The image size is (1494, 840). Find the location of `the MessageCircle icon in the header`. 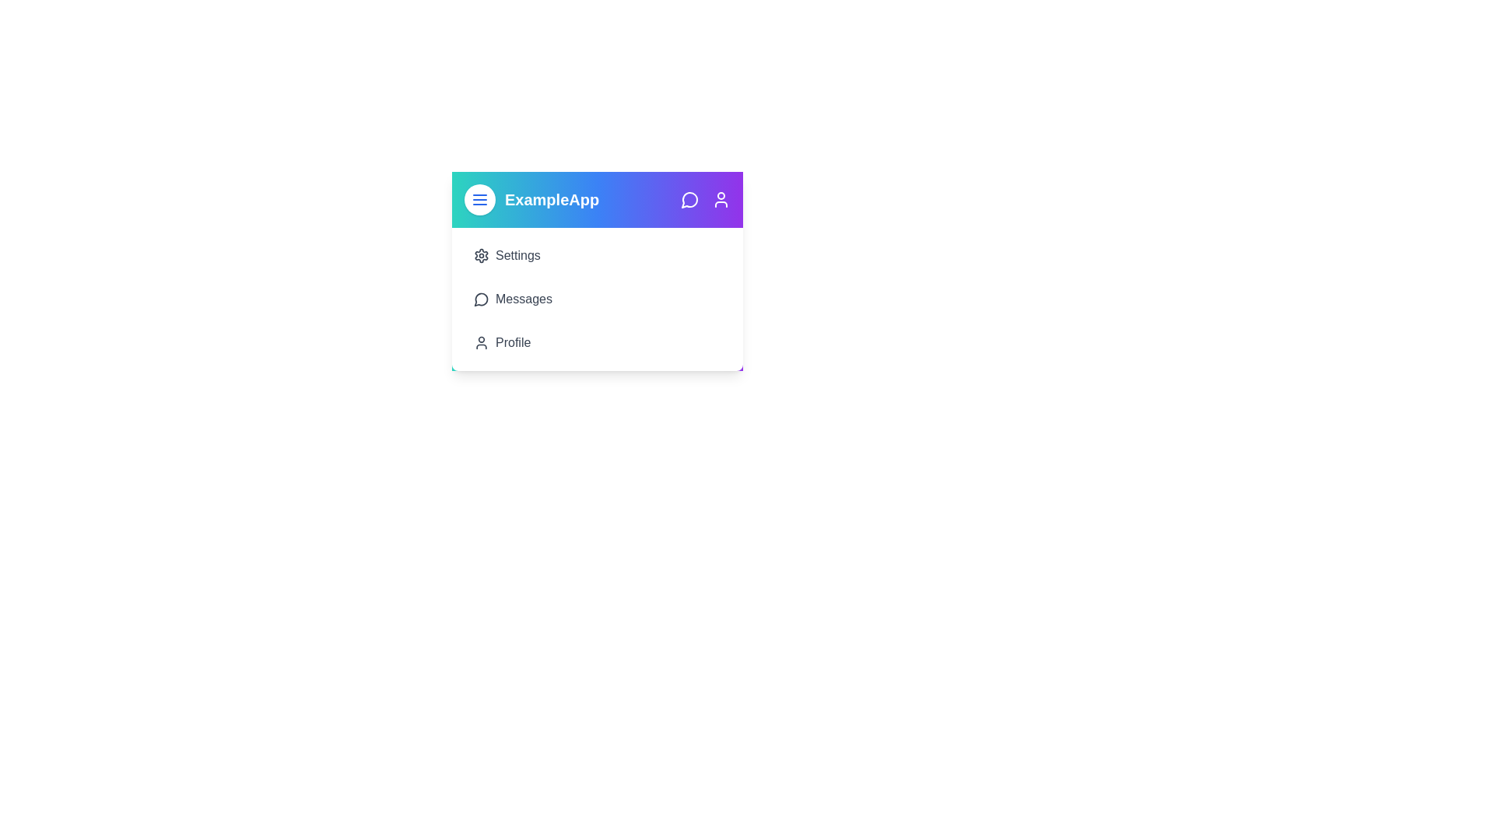

the MessageCircle icon in the header is located at coordinates (689, 199).